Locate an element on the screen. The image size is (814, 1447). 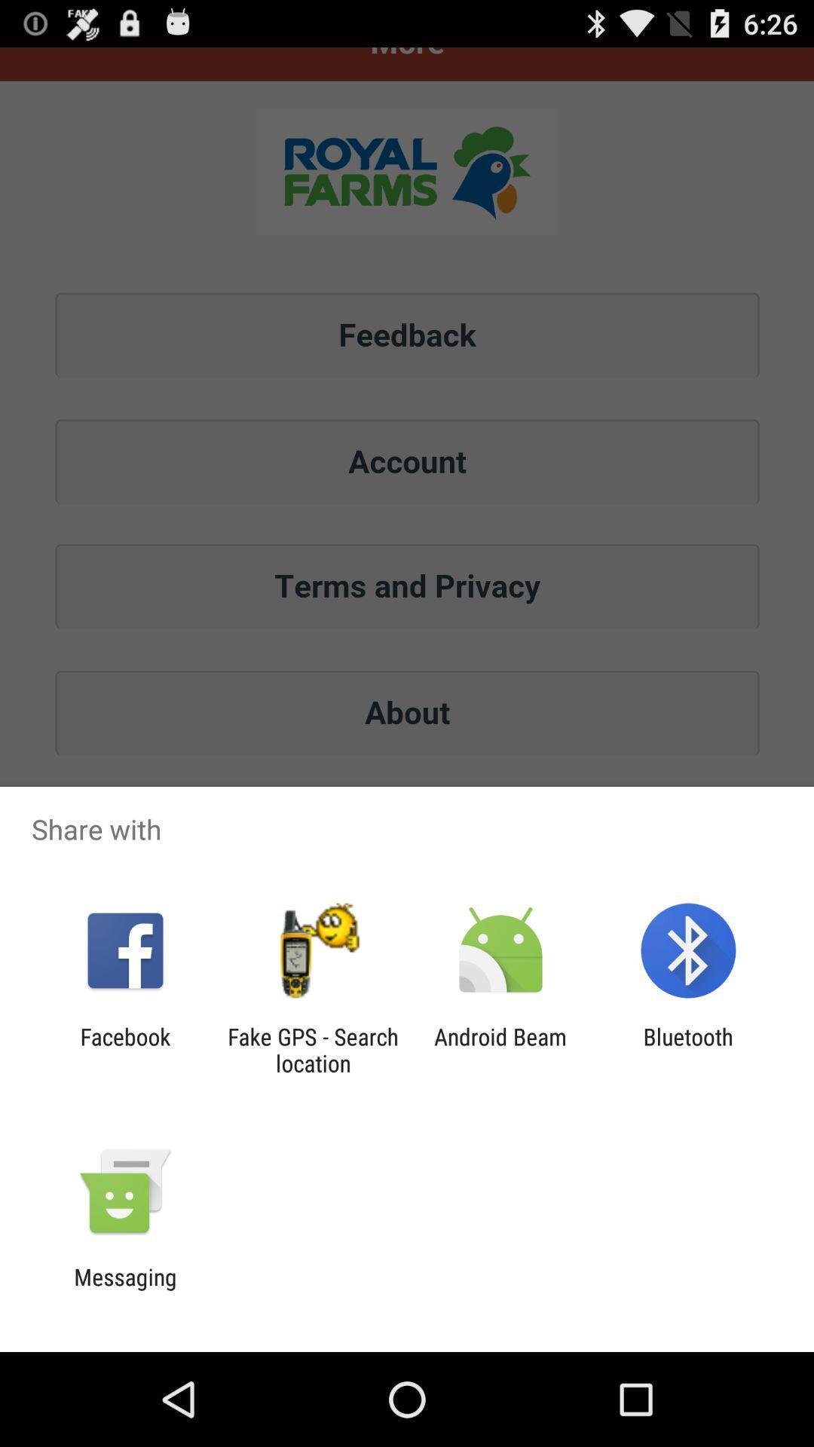
bluetooth app is located at coordinates (688, 1049).